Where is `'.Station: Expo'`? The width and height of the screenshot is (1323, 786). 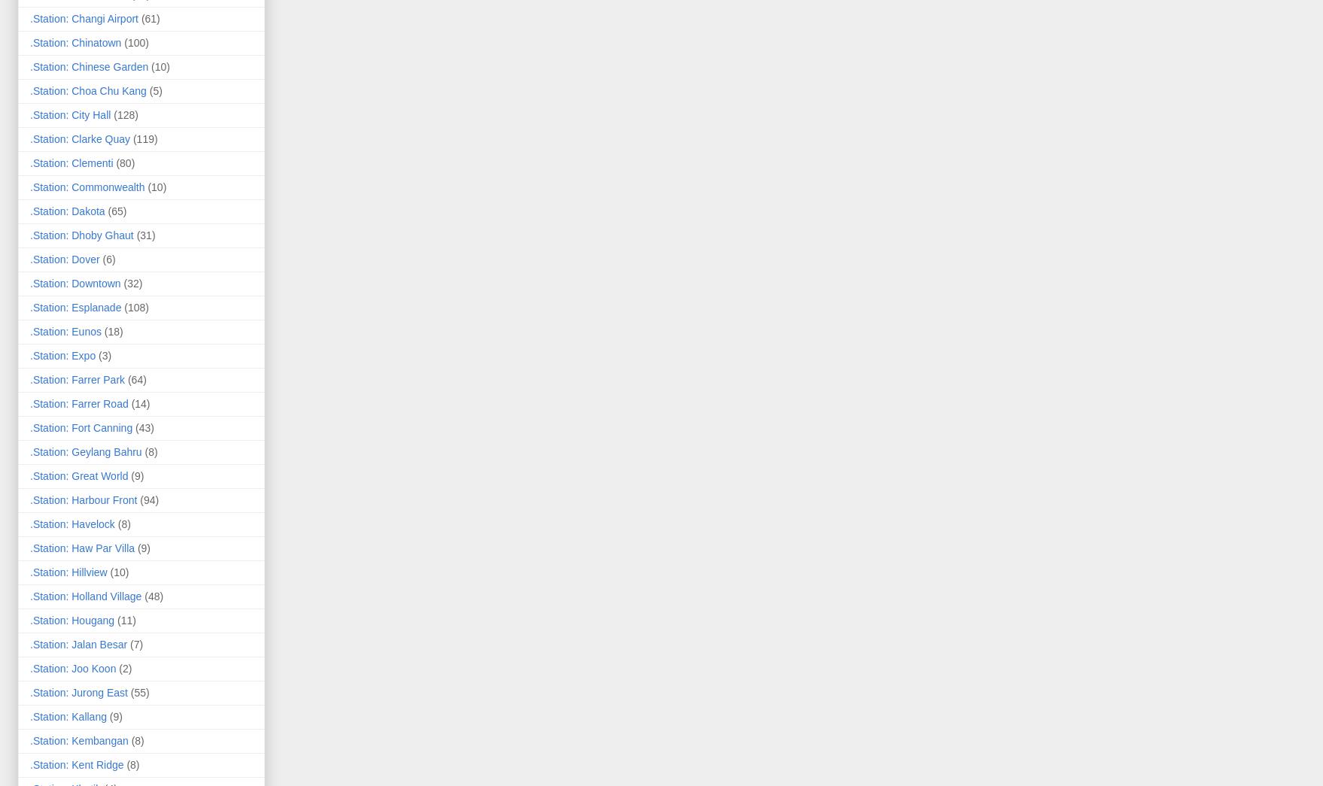 '.Station: Expo' is located at coordinates (62, 354).